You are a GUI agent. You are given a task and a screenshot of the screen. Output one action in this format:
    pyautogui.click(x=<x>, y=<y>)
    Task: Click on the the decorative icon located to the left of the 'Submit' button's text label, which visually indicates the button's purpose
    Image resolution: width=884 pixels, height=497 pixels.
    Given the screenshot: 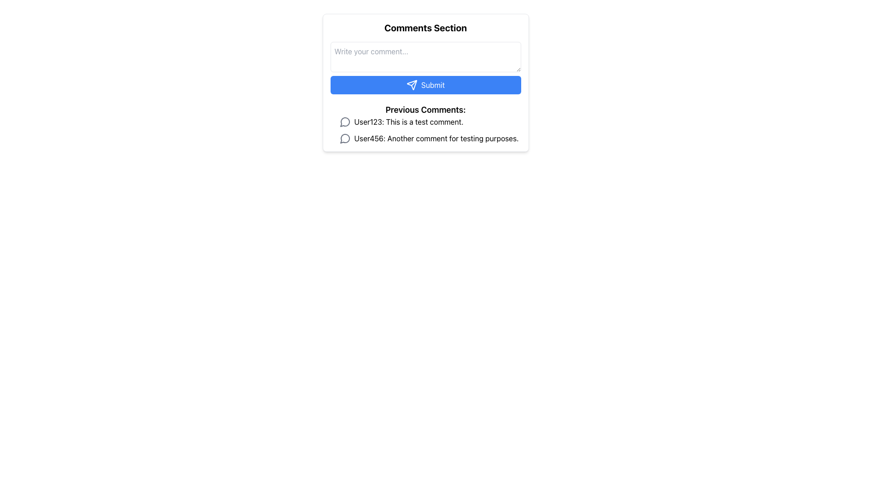 What is the action you would take?
    pyautogui.click(x=411, y=85)
    